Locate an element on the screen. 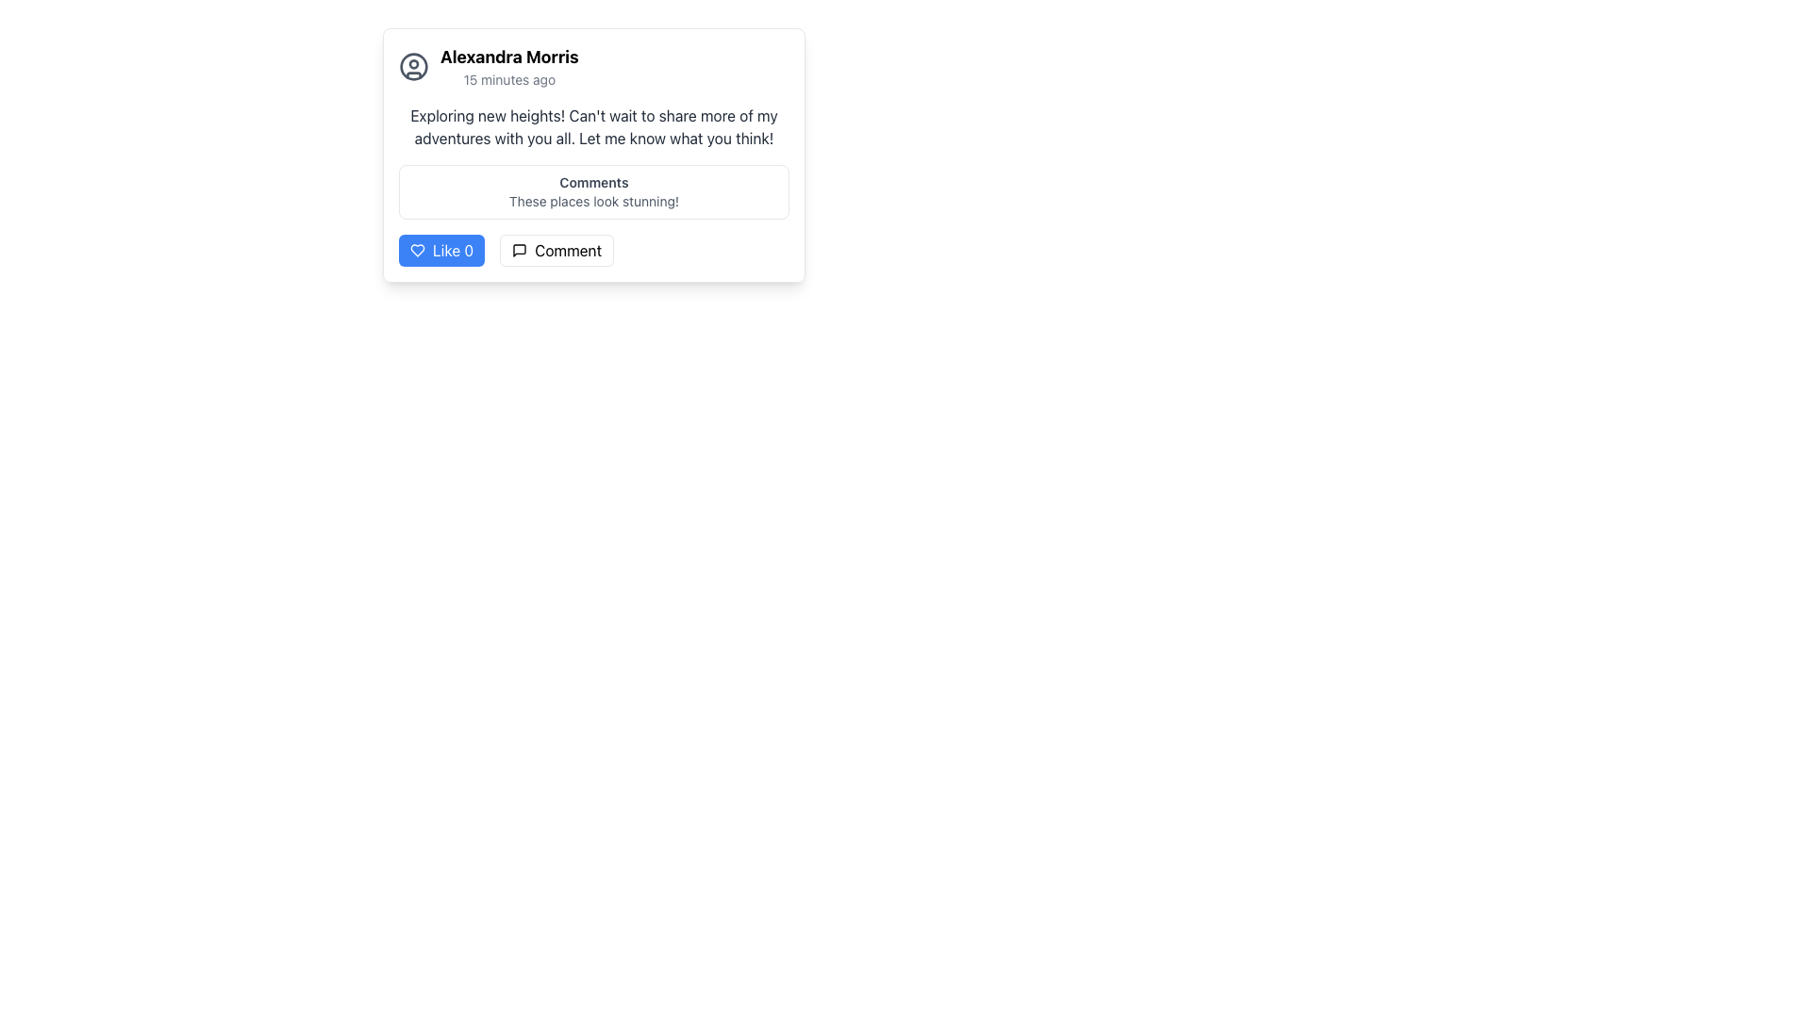  the text display element that contains the content 'These places look stunning!' located in the comments section below the 'Comments' label is located at coordinates (592, 201).